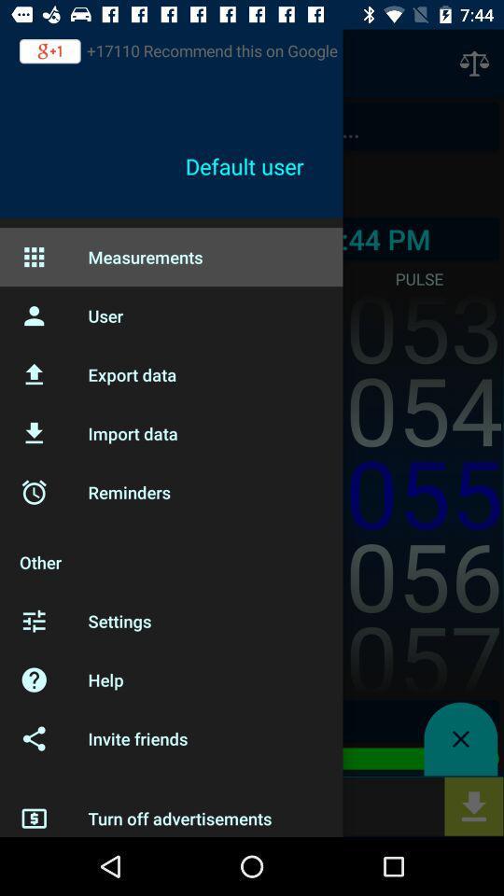  What do you see at coordinates (459, 739) in the screenshot?
I see `the close icon` at bounding box center [459, 739].